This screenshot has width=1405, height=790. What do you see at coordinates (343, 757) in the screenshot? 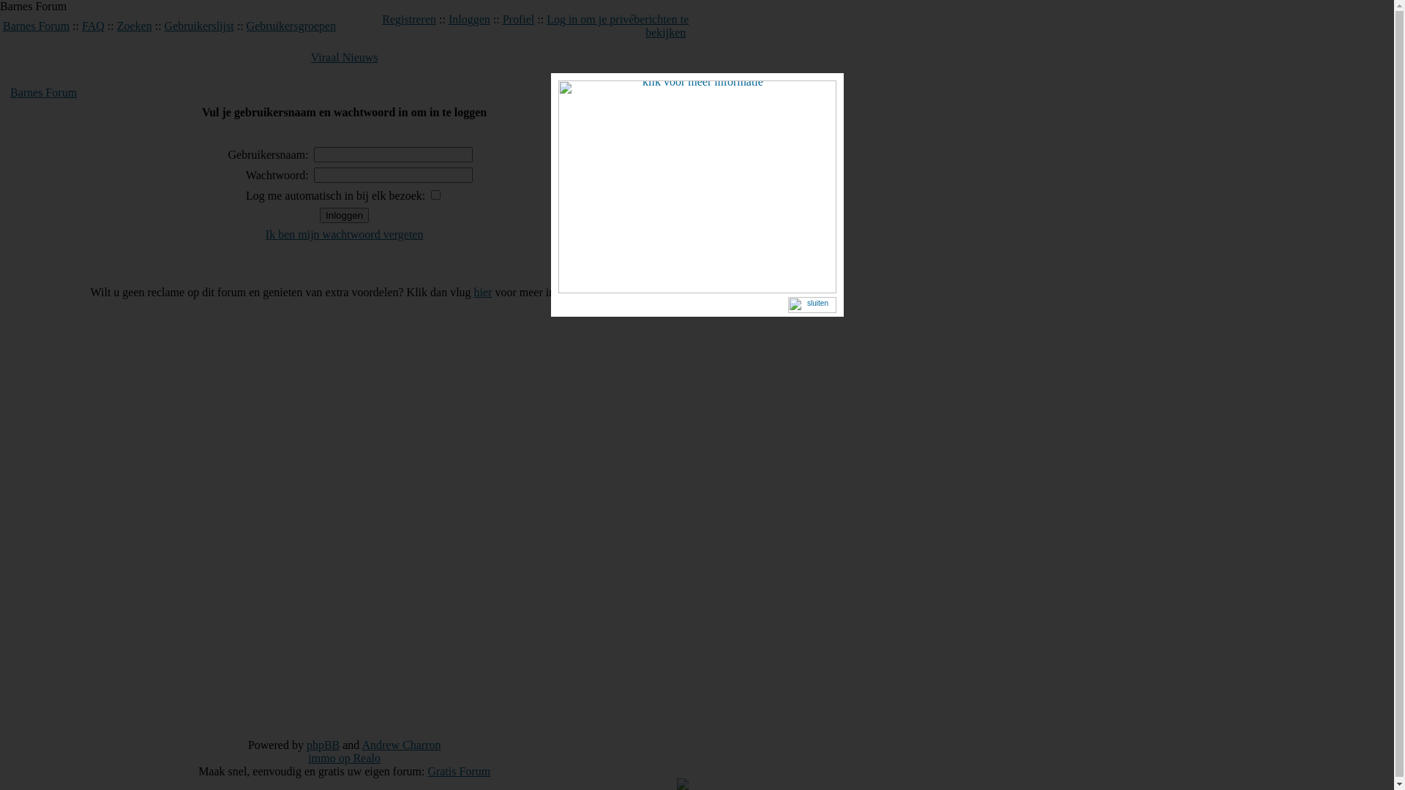
I see `'immo op Realo'` at bounding box center [343, 757].